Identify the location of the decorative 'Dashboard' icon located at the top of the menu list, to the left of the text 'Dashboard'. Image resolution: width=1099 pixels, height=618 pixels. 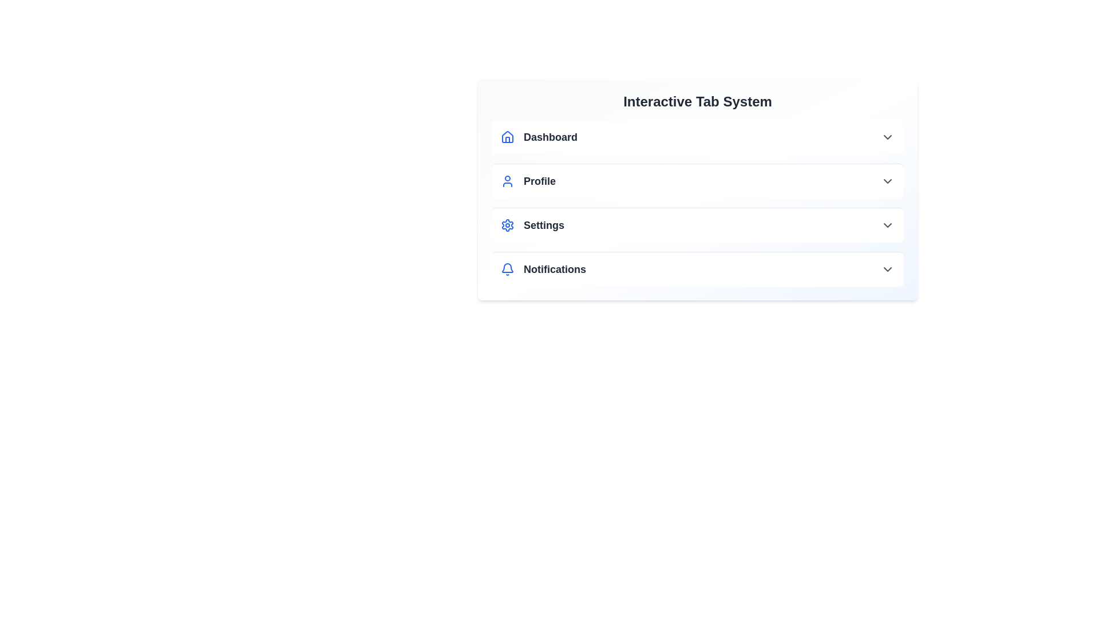
(507, 136).